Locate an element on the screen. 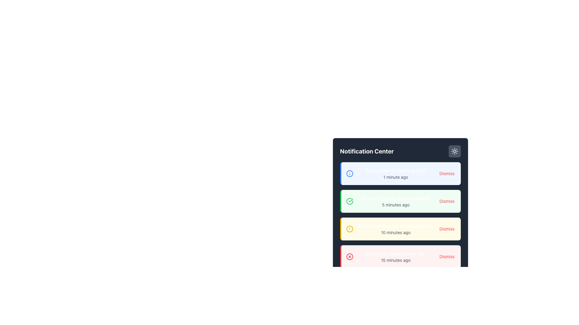 The image size is (579, 325). text of the title label in the 'Notification Center' panel, which is located at the top-left corner of the panel is located at coordinates (366, 151).